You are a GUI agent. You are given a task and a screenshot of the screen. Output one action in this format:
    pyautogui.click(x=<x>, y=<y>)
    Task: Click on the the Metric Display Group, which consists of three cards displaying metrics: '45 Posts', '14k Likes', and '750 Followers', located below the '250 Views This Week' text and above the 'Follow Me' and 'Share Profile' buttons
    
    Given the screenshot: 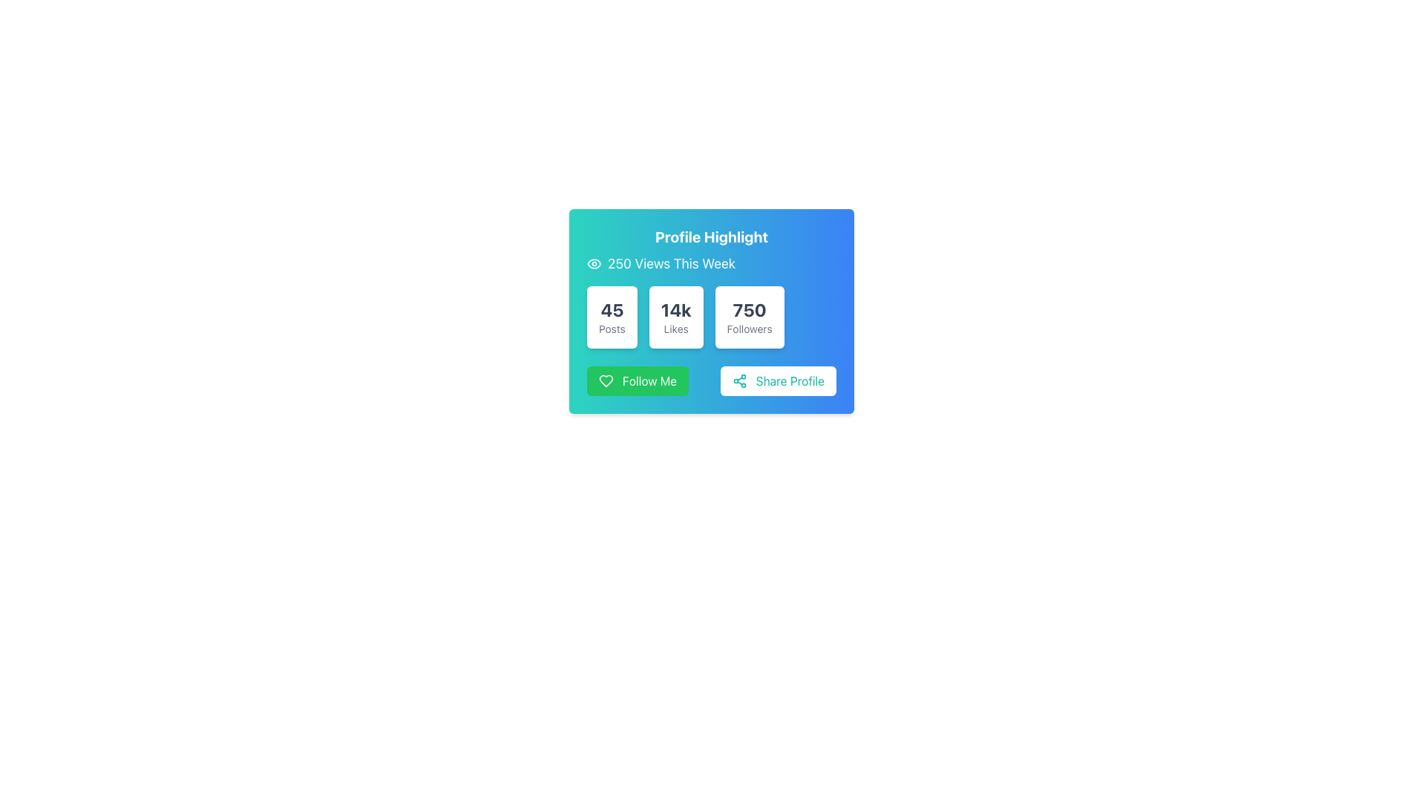 What is the action you would take?
    pyautogui.click(x=711, y=317)
    